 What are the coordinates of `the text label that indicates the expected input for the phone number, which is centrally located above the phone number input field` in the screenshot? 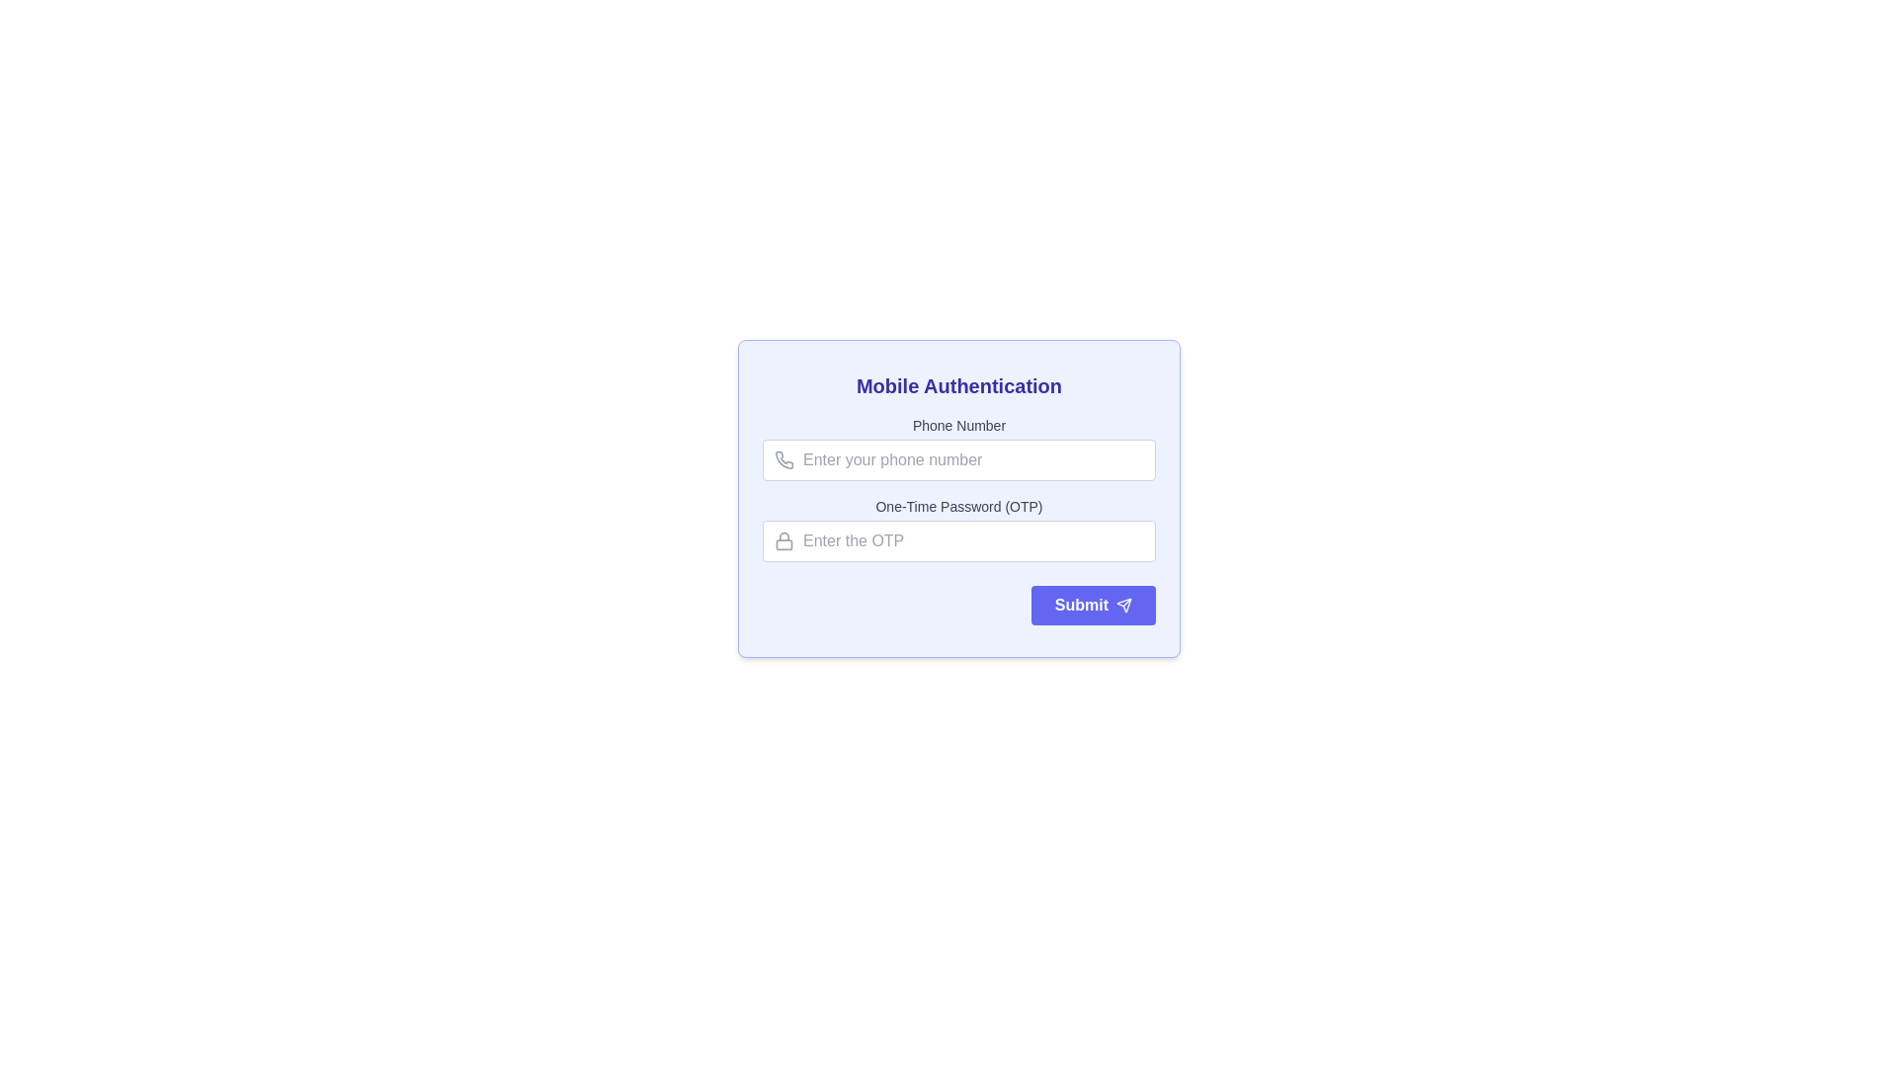 It's located at (958, 425).